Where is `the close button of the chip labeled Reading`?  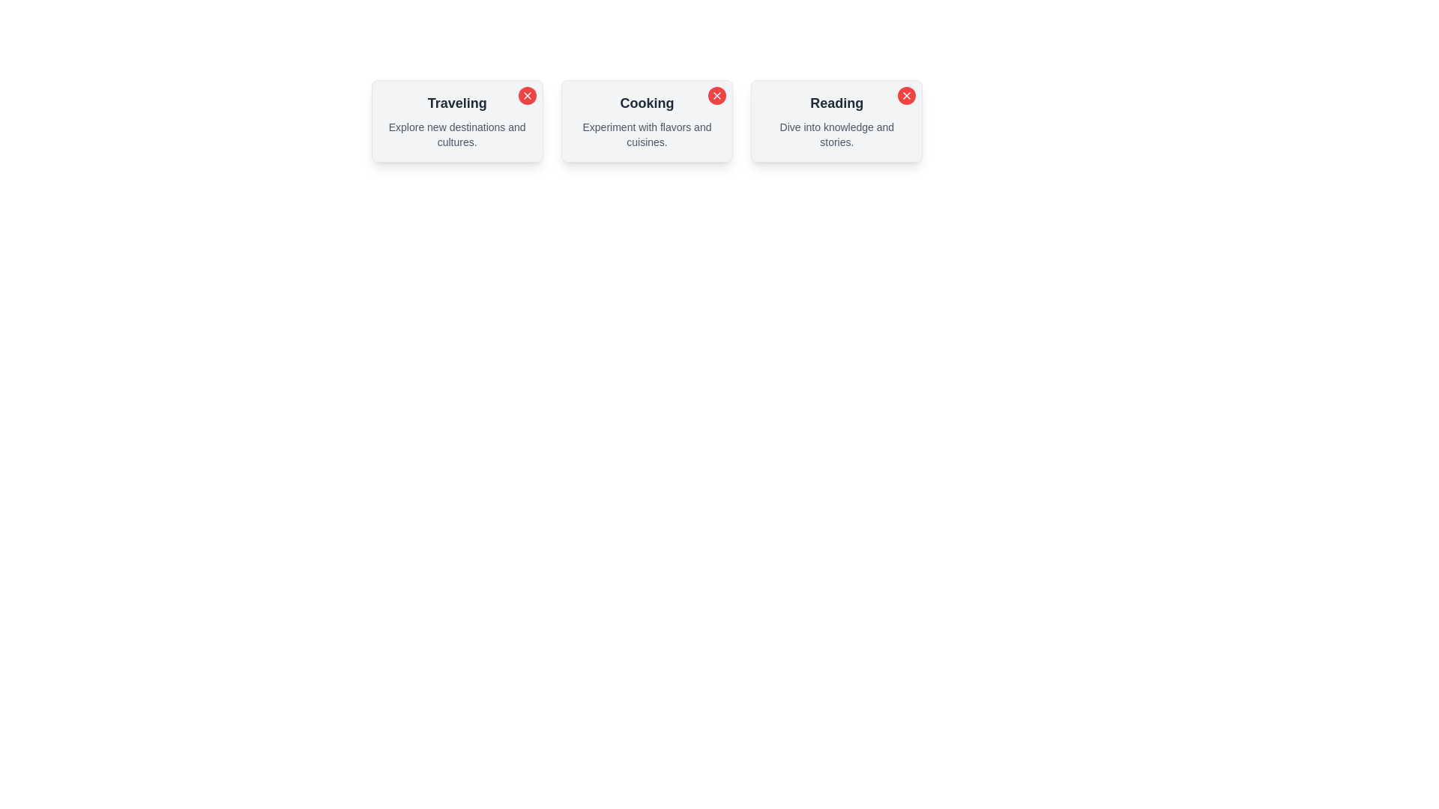 the close button of the chip labeled Reading is located at coordinates (906, 95).